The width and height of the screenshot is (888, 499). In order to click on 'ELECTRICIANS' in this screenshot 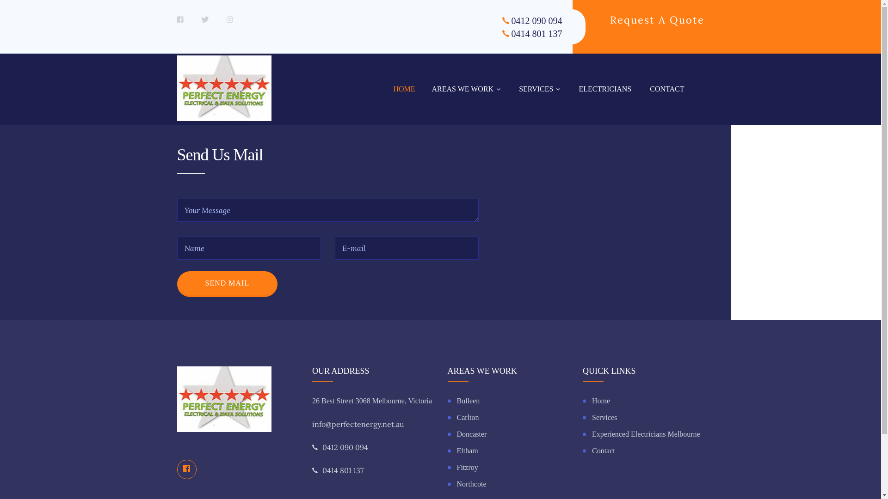, I will do `click(605, 89)`.